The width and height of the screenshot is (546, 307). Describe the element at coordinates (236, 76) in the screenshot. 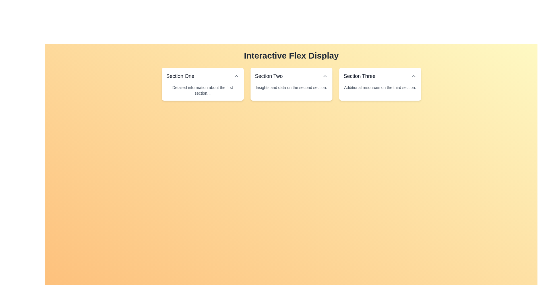

I see `the upward-pointing arrow icon button located to the right of the 'Section One' header` at that location.